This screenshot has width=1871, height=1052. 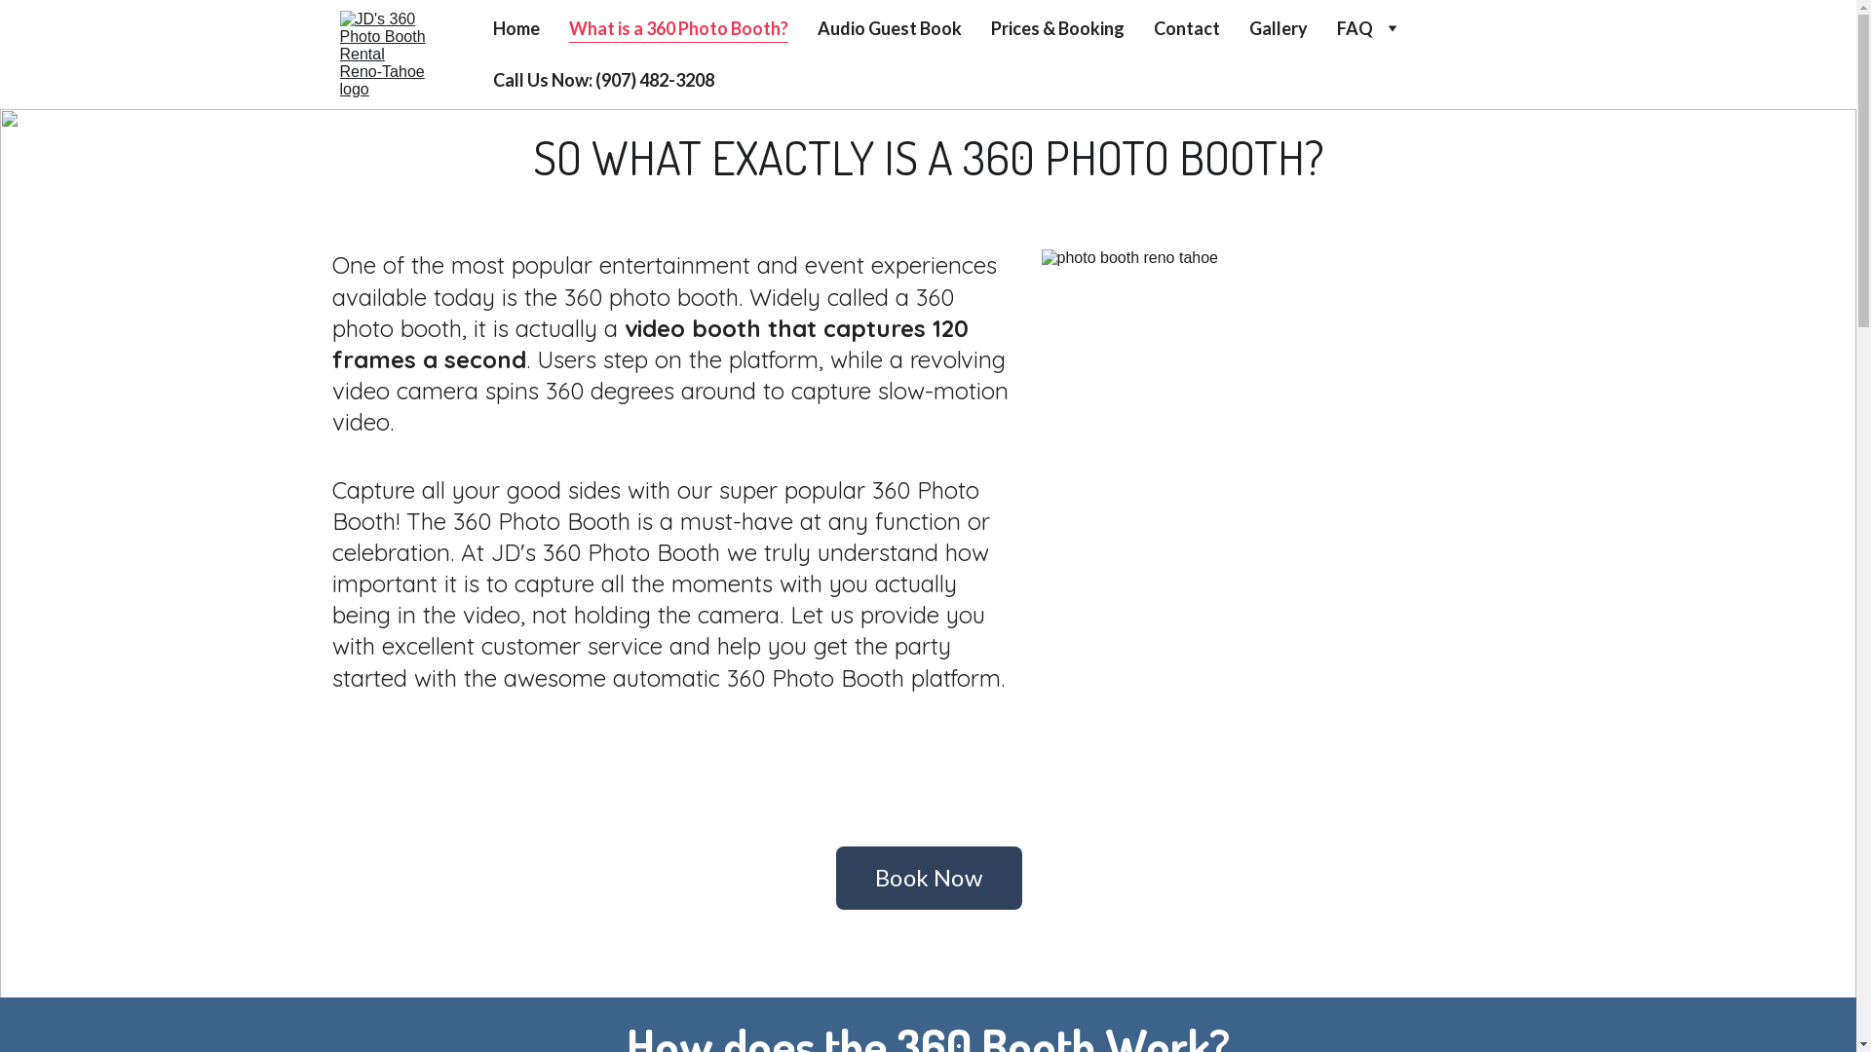 What do you see at coordinates (1186, 28) in the screenshot?
I see `'Contact'` at bounding box center [1186, 28].